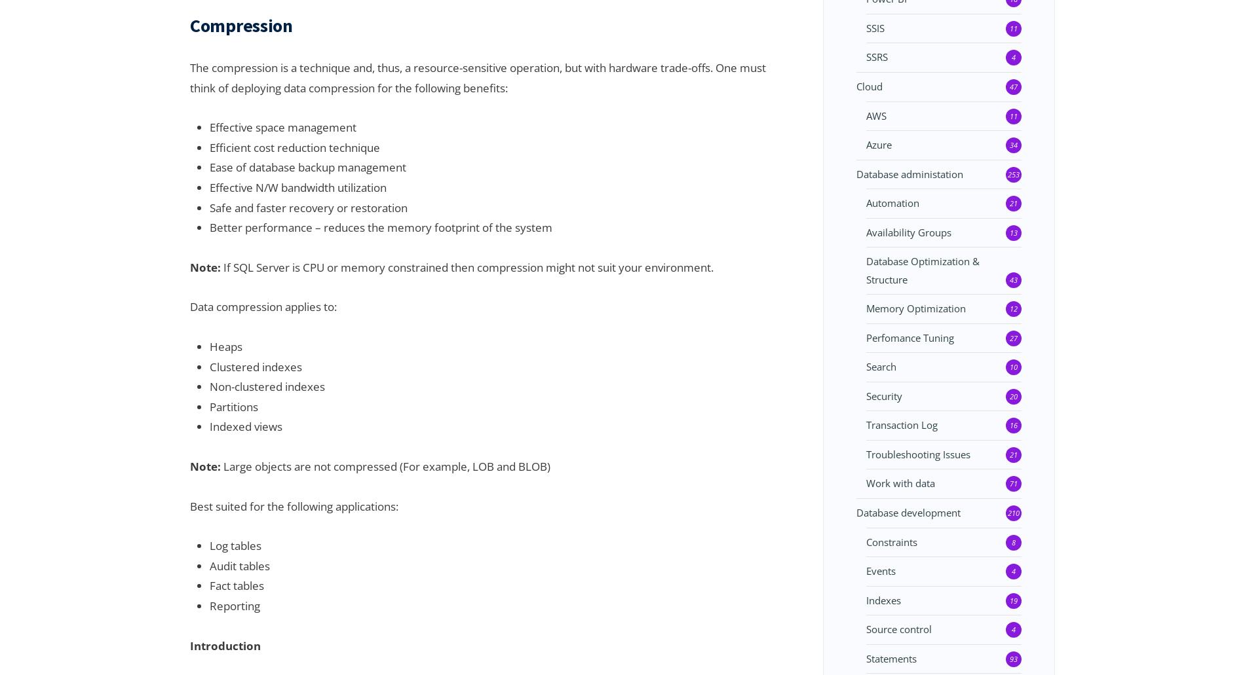 The height and width of the screenshot is (675, 1245). I want to click on '8', so click(1013, 541).